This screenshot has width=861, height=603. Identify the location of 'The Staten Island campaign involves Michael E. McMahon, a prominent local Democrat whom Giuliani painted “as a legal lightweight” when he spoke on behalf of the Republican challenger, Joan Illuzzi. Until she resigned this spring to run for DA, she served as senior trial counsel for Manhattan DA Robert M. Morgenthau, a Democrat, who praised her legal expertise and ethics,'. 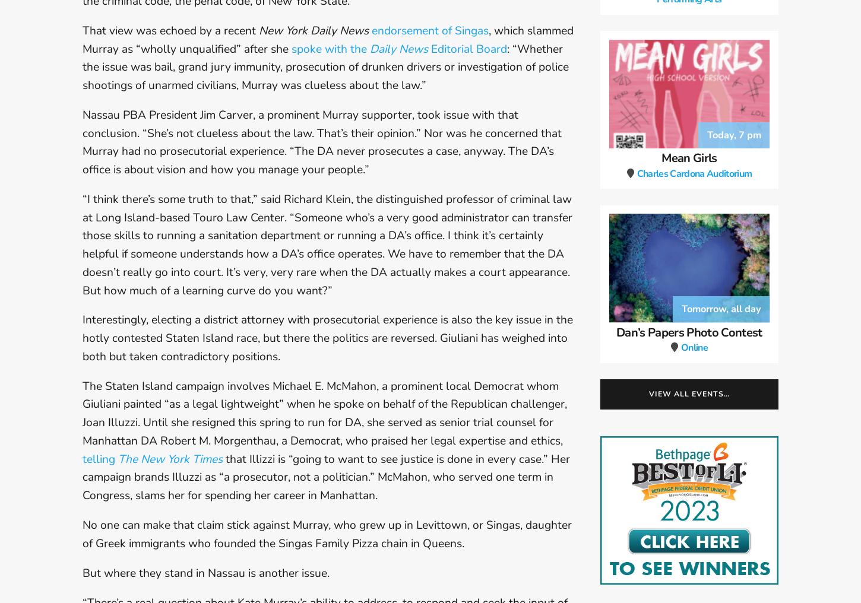
(324, 412).